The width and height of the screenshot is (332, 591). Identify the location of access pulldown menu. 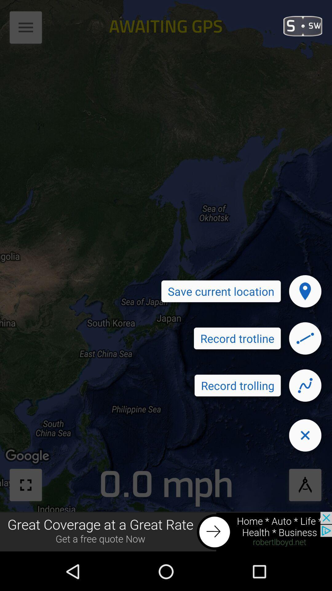
(26, 29).